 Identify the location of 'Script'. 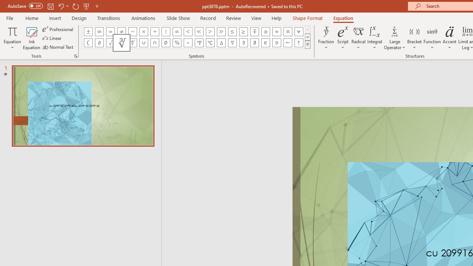
(343, 38).